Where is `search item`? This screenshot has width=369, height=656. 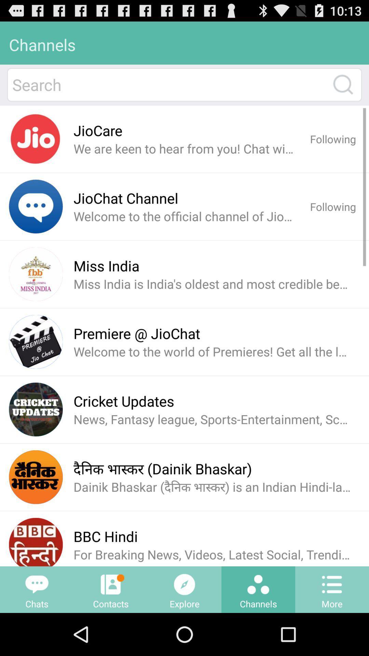
search item is located at coordinates (168, 84).